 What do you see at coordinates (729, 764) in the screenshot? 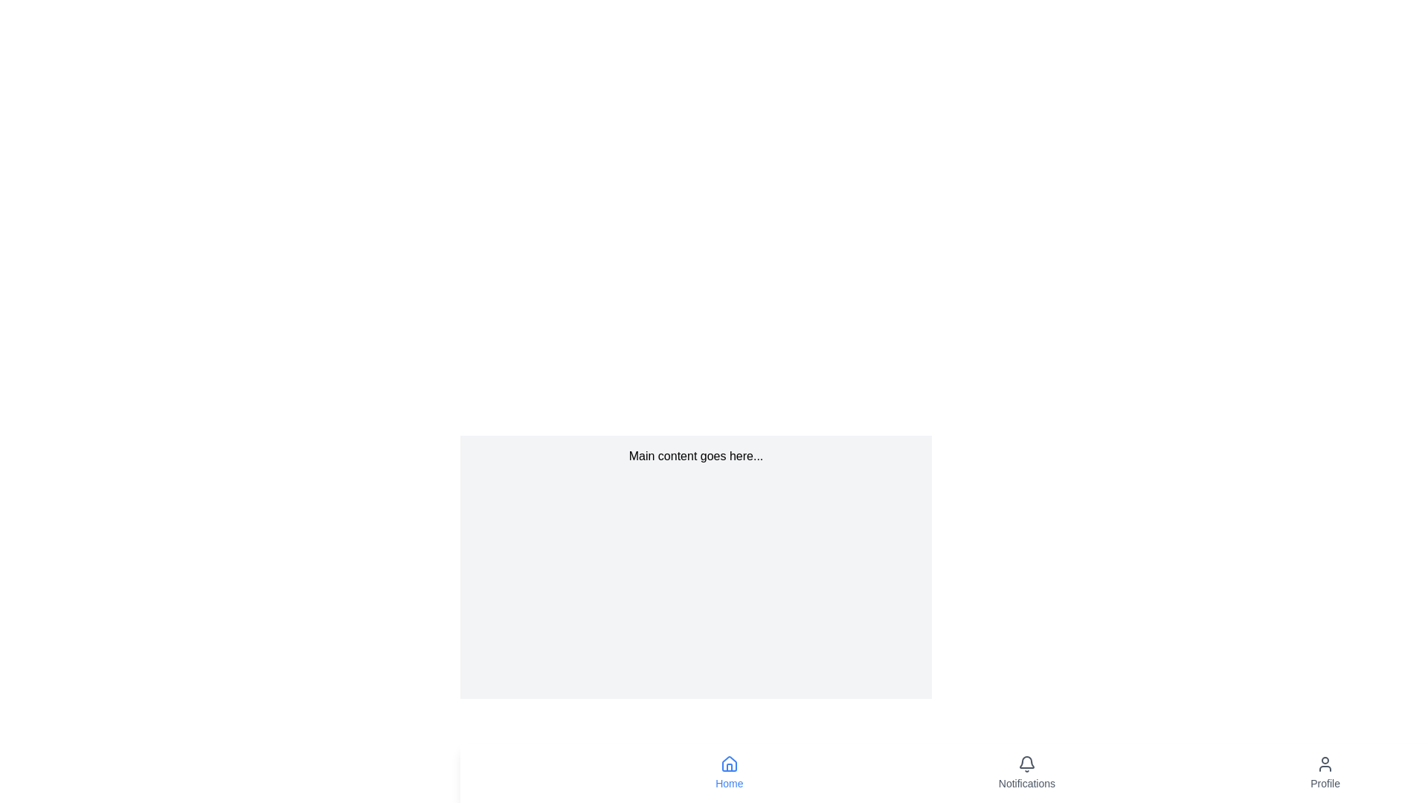
I see `the house-shaped icon in the bottom navigation bar` at bounding box center [729, 764].